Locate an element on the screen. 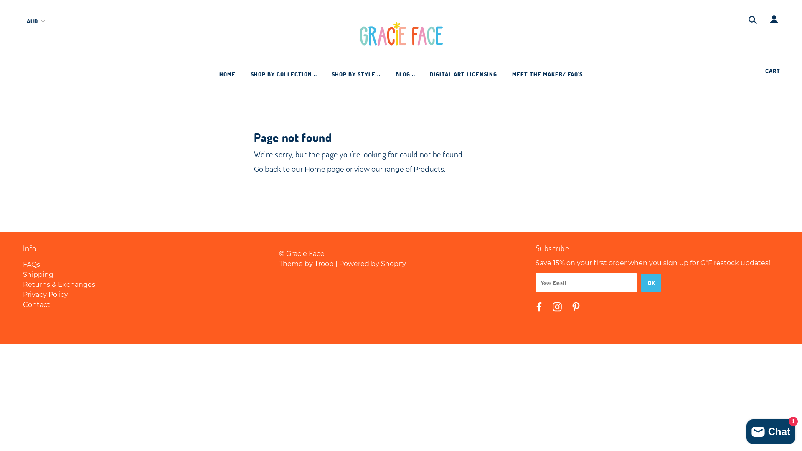 This screenshot has width=802, height=451. 'Powered by Shopify' is located at coordinates (372, 264).